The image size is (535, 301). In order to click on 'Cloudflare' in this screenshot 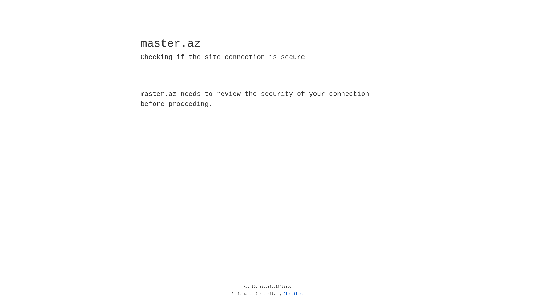, I will do `click(293, 294)`.